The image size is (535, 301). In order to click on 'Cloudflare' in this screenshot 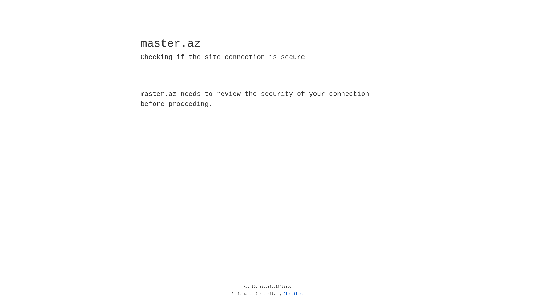, I will do `click(293, 294)`.